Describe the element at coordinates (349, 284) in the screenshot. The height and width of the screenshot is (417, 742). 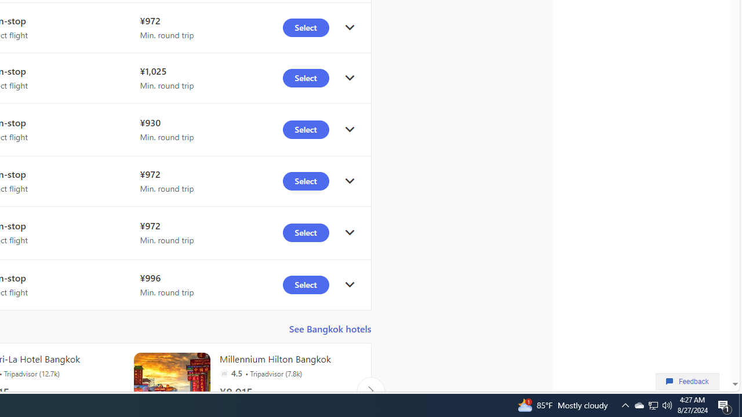
I see `'click to get details'` at that location.